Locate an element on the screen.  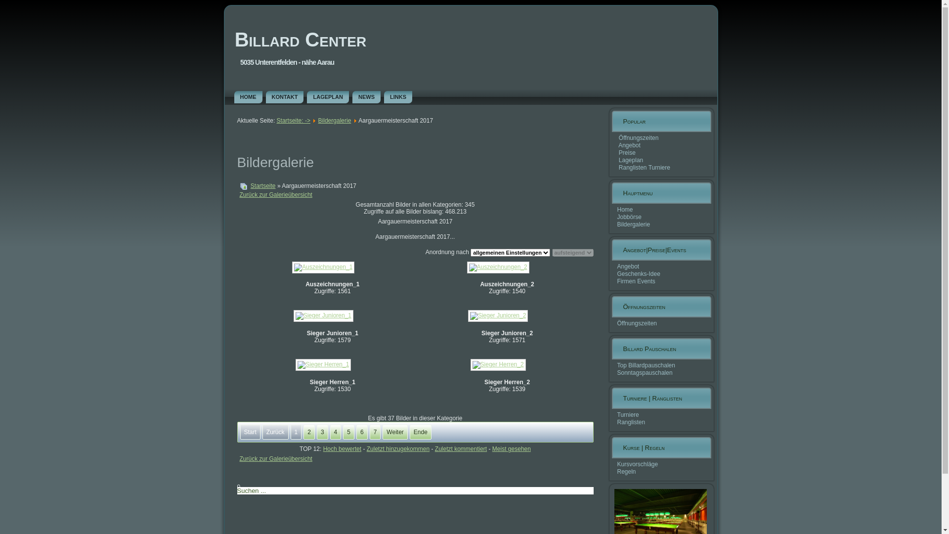
'Sieger Herren_1' is located at coordinates (324, 366).